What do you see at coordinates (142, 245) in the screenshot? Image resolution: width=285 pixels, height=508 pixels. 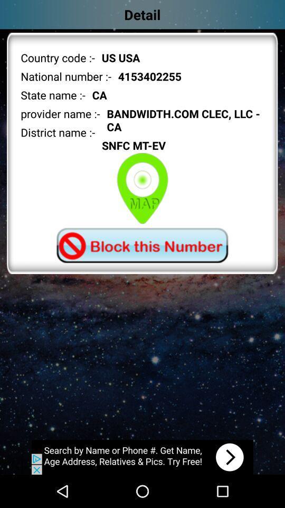 I see `number block box` at bounding box center [142, 245].